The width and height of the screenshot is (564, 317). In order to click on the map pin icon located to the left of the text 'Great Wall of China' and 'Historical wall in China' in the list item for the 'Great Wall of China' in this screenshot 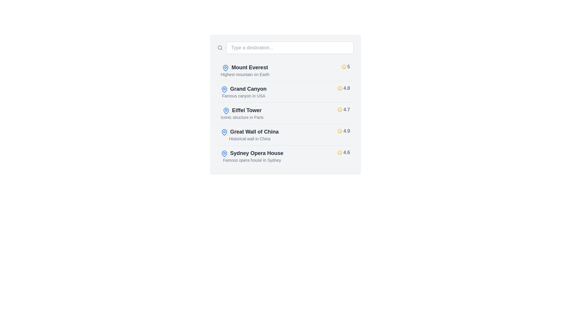, I will do `click(224, 132)`.